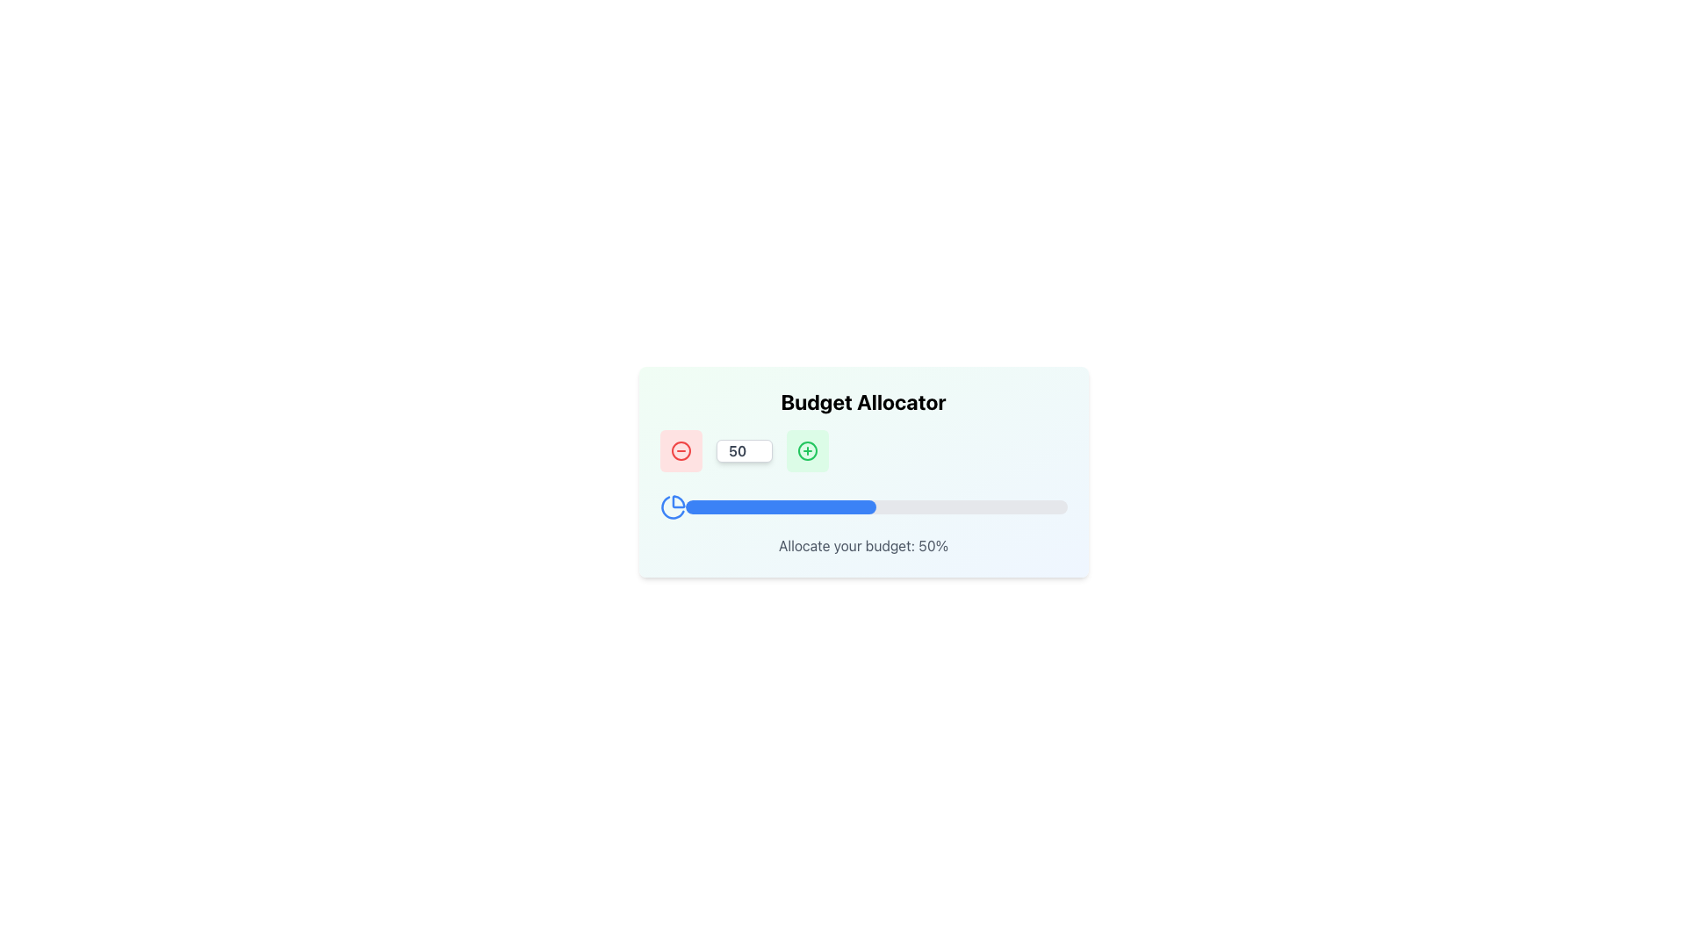  What do you see at coordinates (806, 449) in the screenshot?
I see `the button that increases the numeric value in the adjacent input box, located to the right of the input displaying '50'` at bounding box center [806, 449].